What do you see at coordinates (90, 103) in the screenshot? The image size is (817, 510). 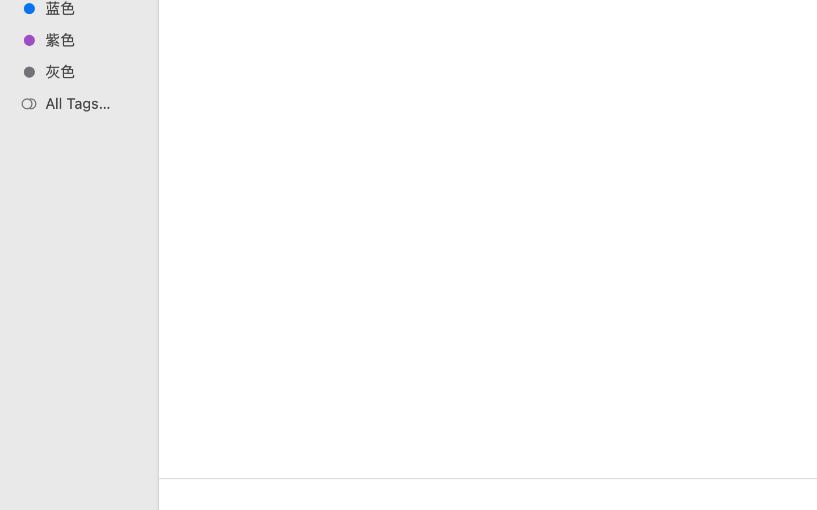 I see `'All Tags…'` at bounding box center [90, 103].